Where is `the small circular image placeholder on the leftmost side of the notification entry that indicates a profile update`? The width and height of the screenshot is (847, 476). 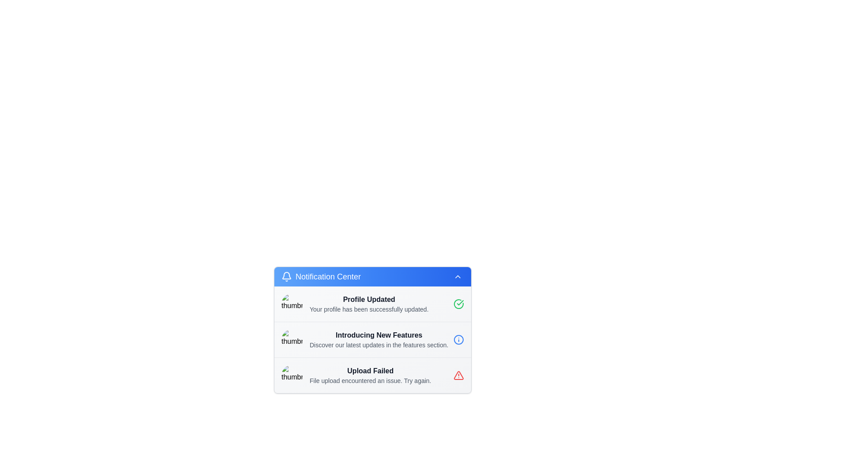 the small circular image placeholder on the leftmost side of the notification entry that indicates a profile update is located at coordinates (292, 304).